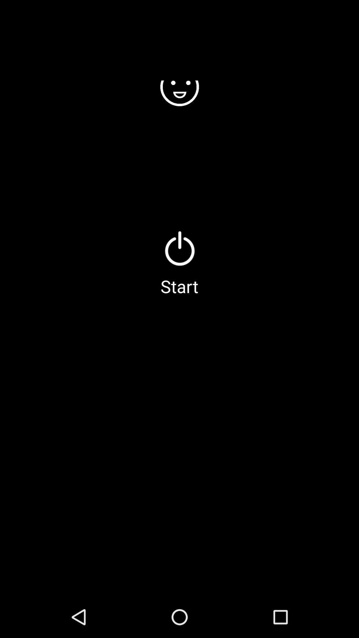 The width and height of the screenshot is (359, 638). I want to click on the power icon, so click(179, 248).